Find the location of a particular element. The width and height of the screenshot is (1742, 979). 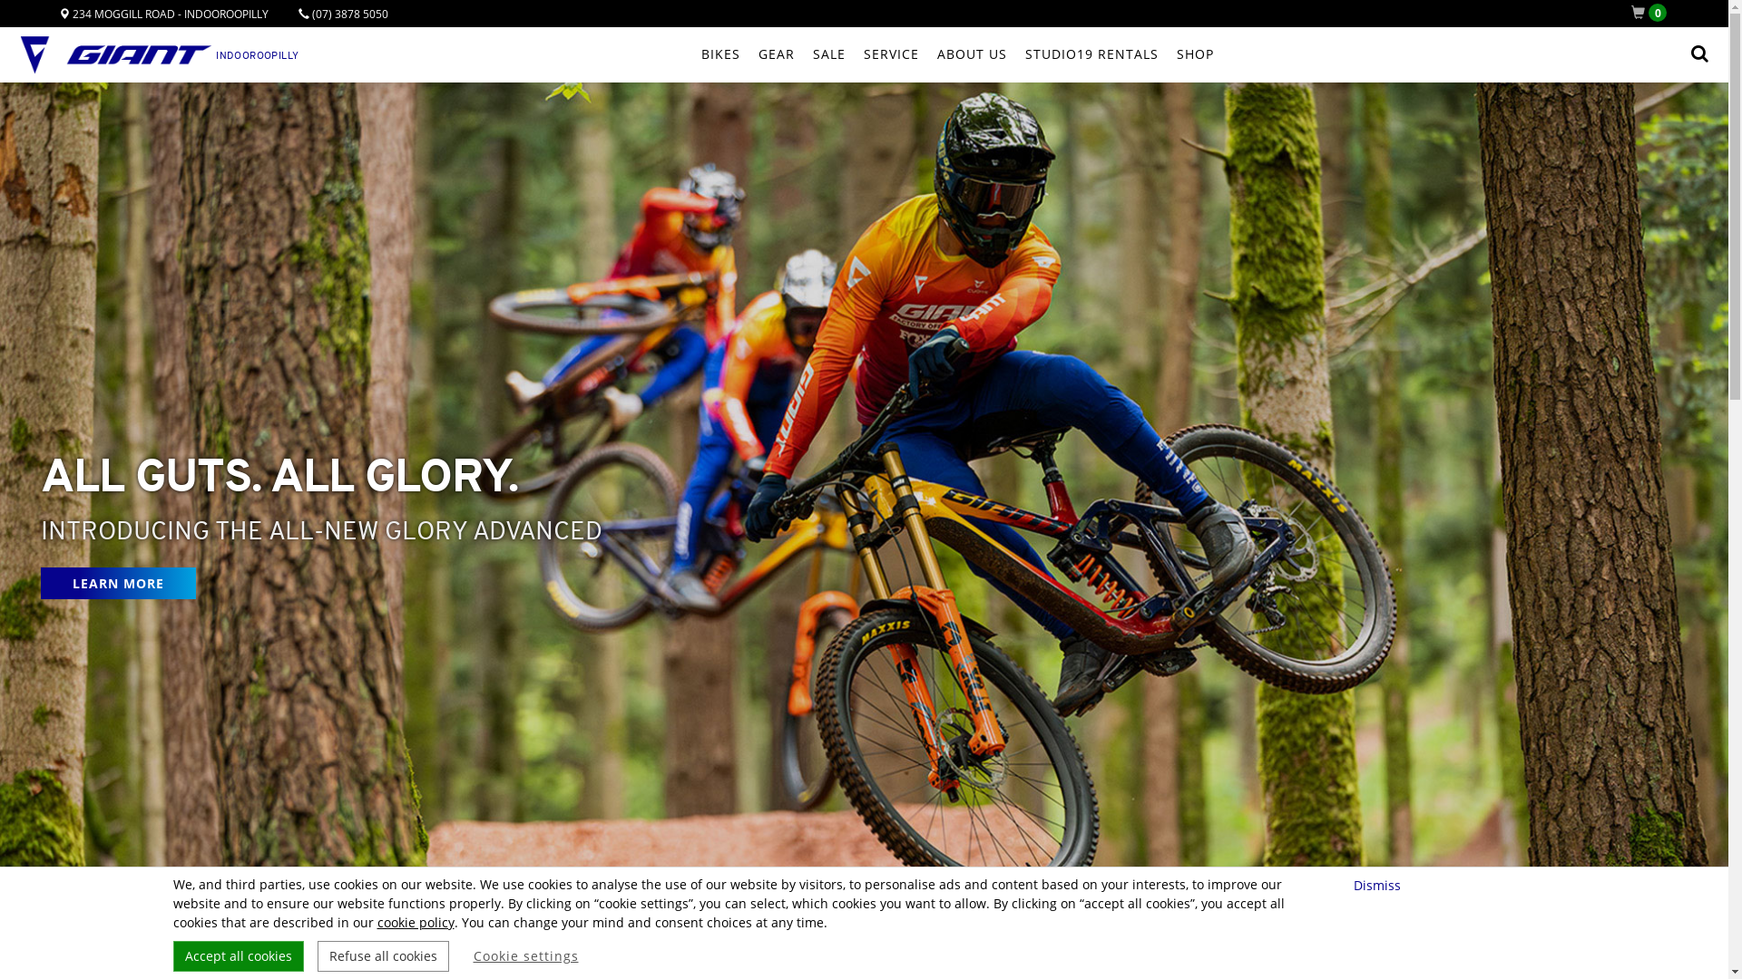

'STUDIO19 RENTALS' is located at coordinates (1091, 53).